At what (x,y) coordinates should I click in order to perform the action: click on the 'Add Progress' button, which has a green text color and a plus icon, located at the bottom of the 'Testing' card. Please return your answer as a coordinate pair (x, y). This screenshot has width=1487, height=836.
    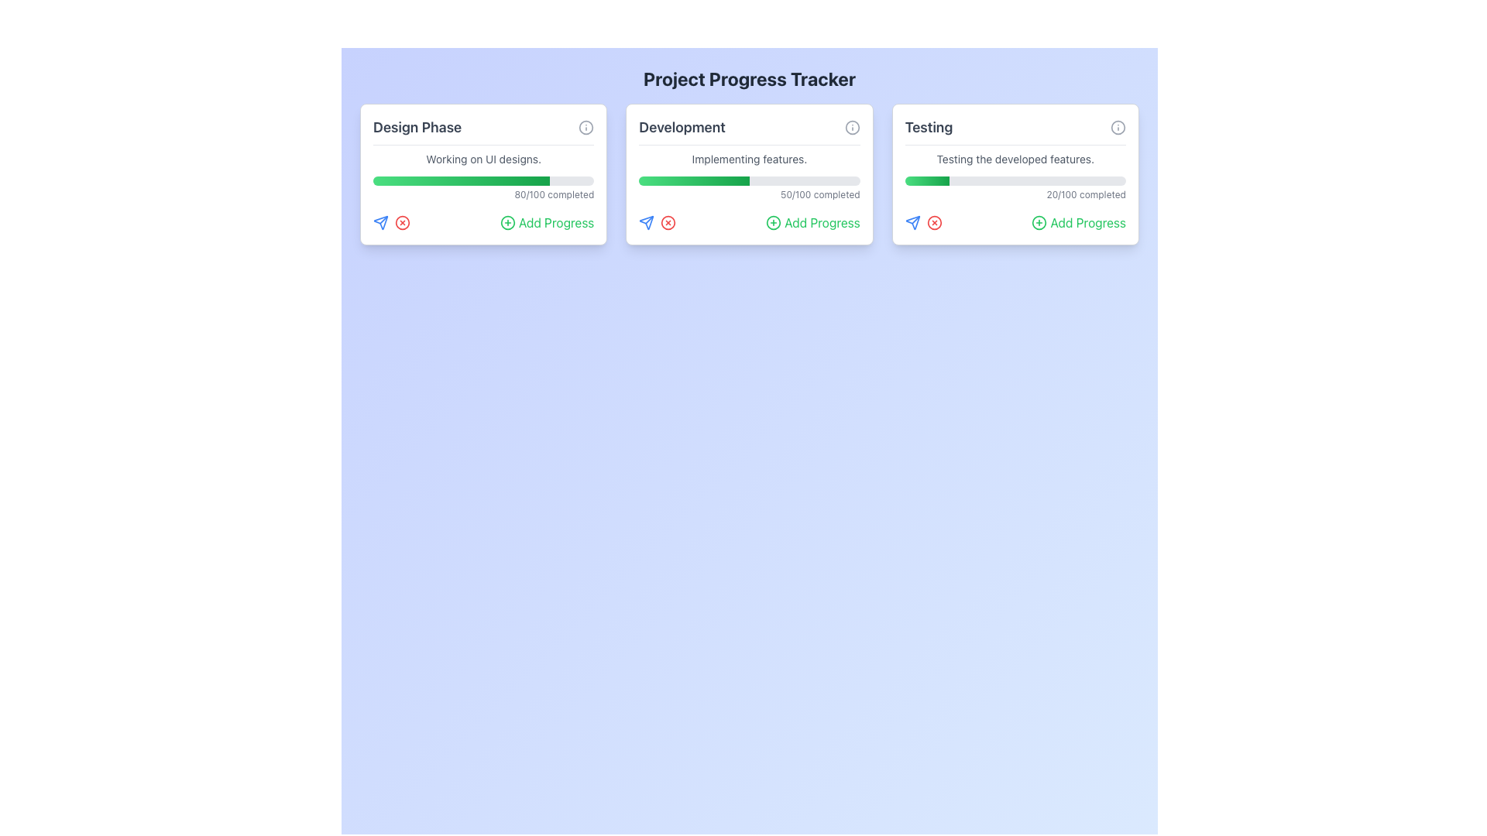
    Looking at the image, I should click on (1078, 223).